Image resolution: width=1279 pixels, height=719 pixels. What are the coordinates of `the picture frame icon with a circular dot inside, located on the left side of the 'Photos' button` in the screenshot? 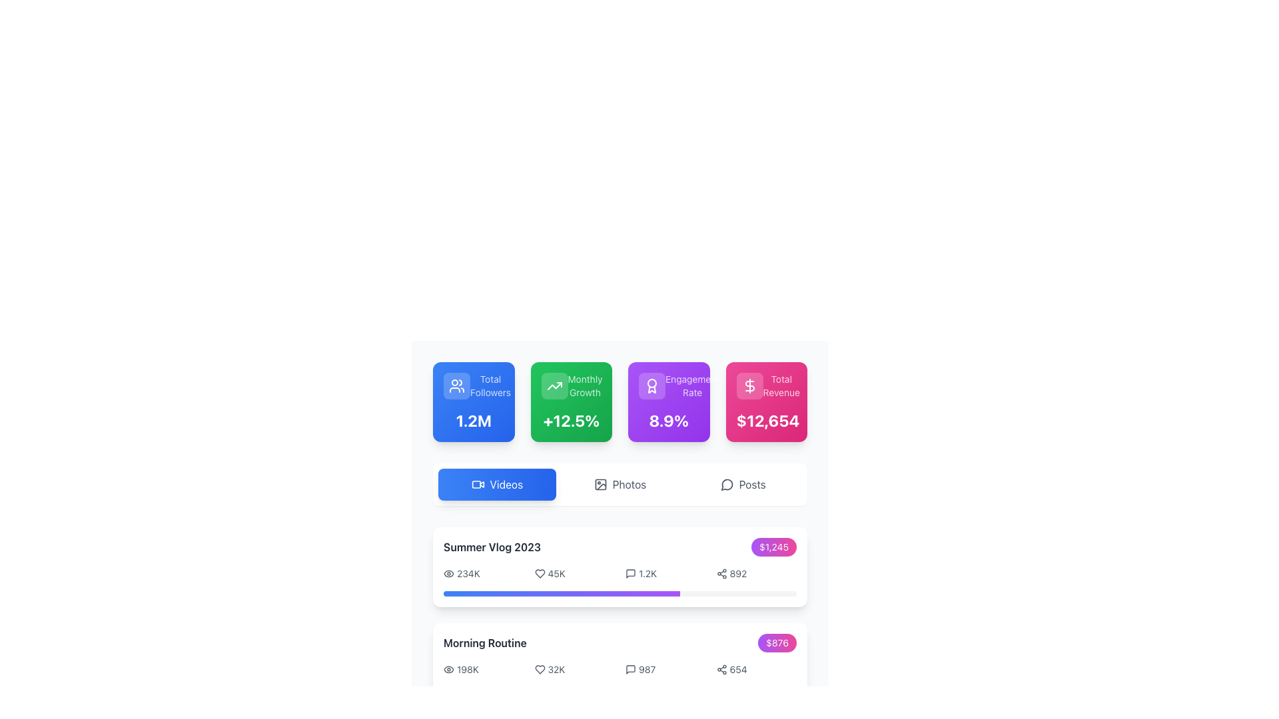 It's located at (600, 485).